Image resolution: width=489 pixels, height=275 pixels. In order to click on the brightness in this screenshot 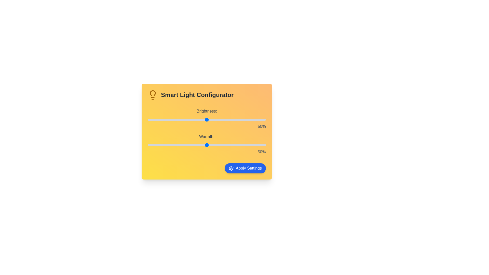, I will do `click(164, 120)`.